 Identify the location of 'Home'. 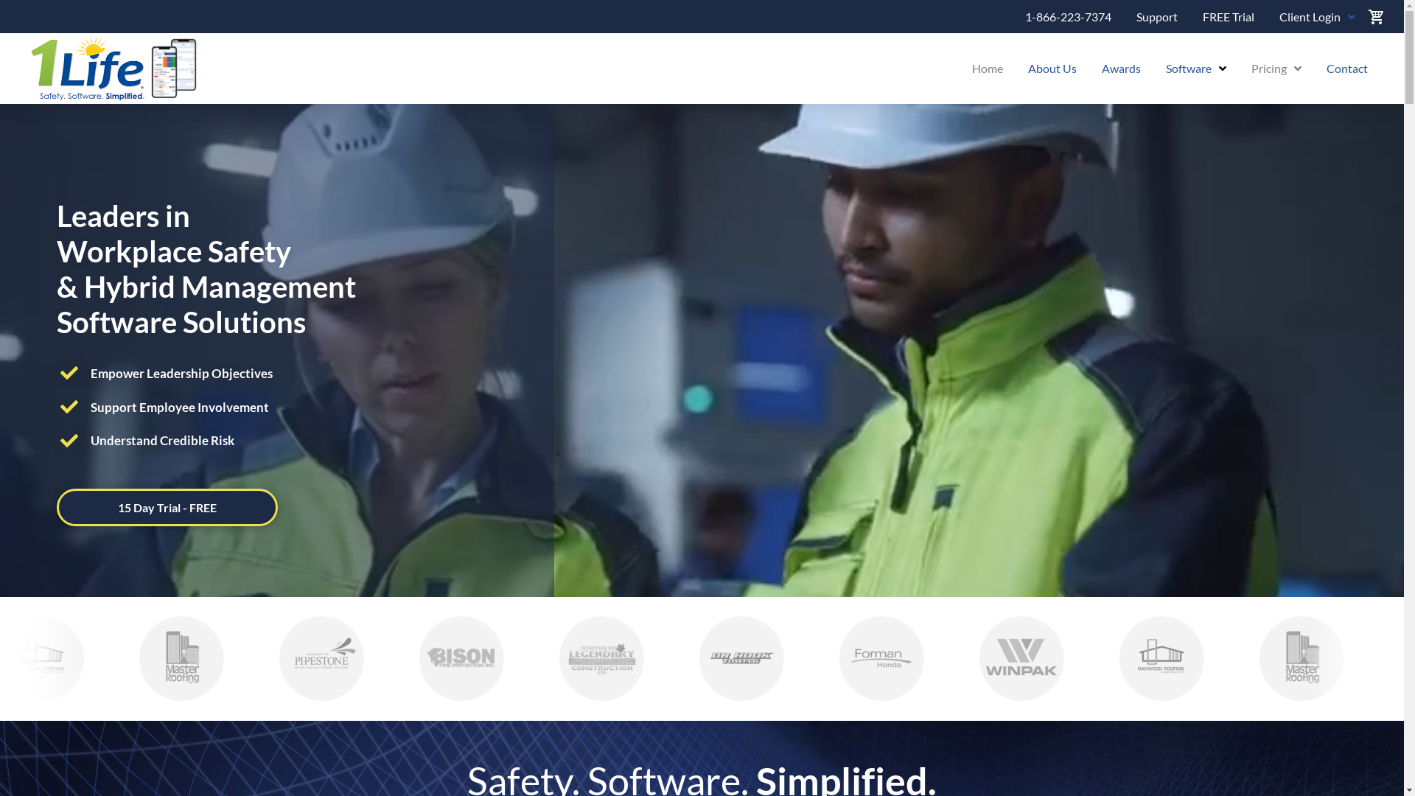
(987, 68).